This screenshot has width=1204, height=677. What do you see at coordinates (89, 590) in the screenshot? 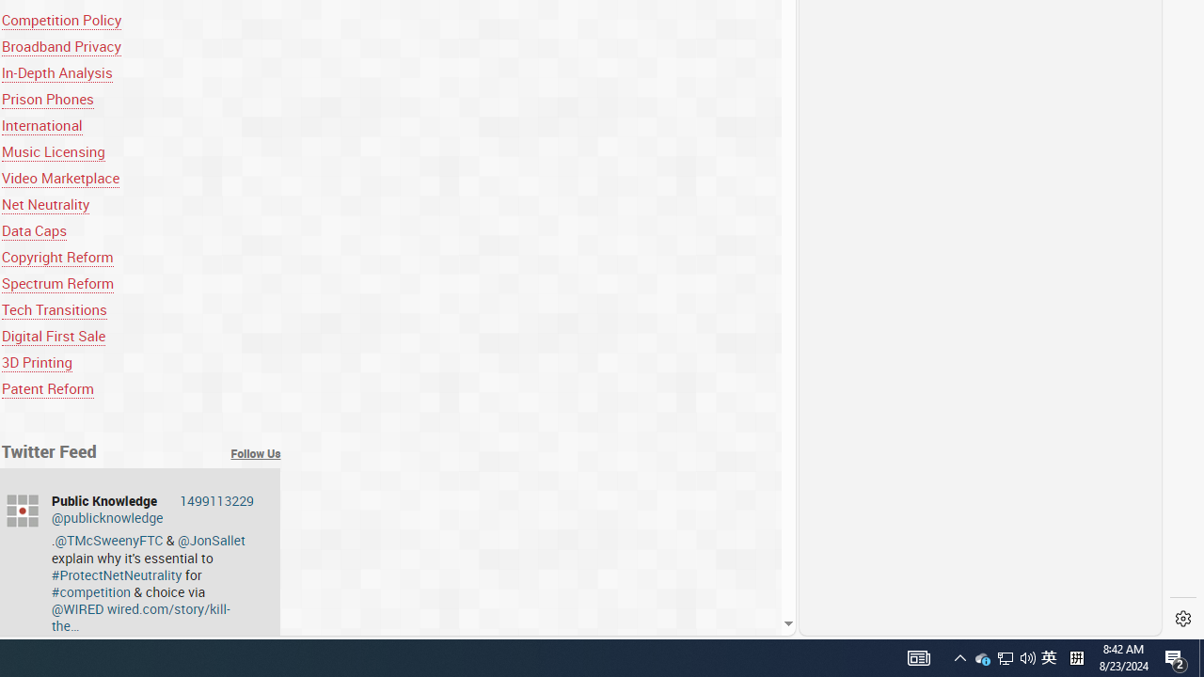
I see `'#competition'` at bounding box center [89, 590].